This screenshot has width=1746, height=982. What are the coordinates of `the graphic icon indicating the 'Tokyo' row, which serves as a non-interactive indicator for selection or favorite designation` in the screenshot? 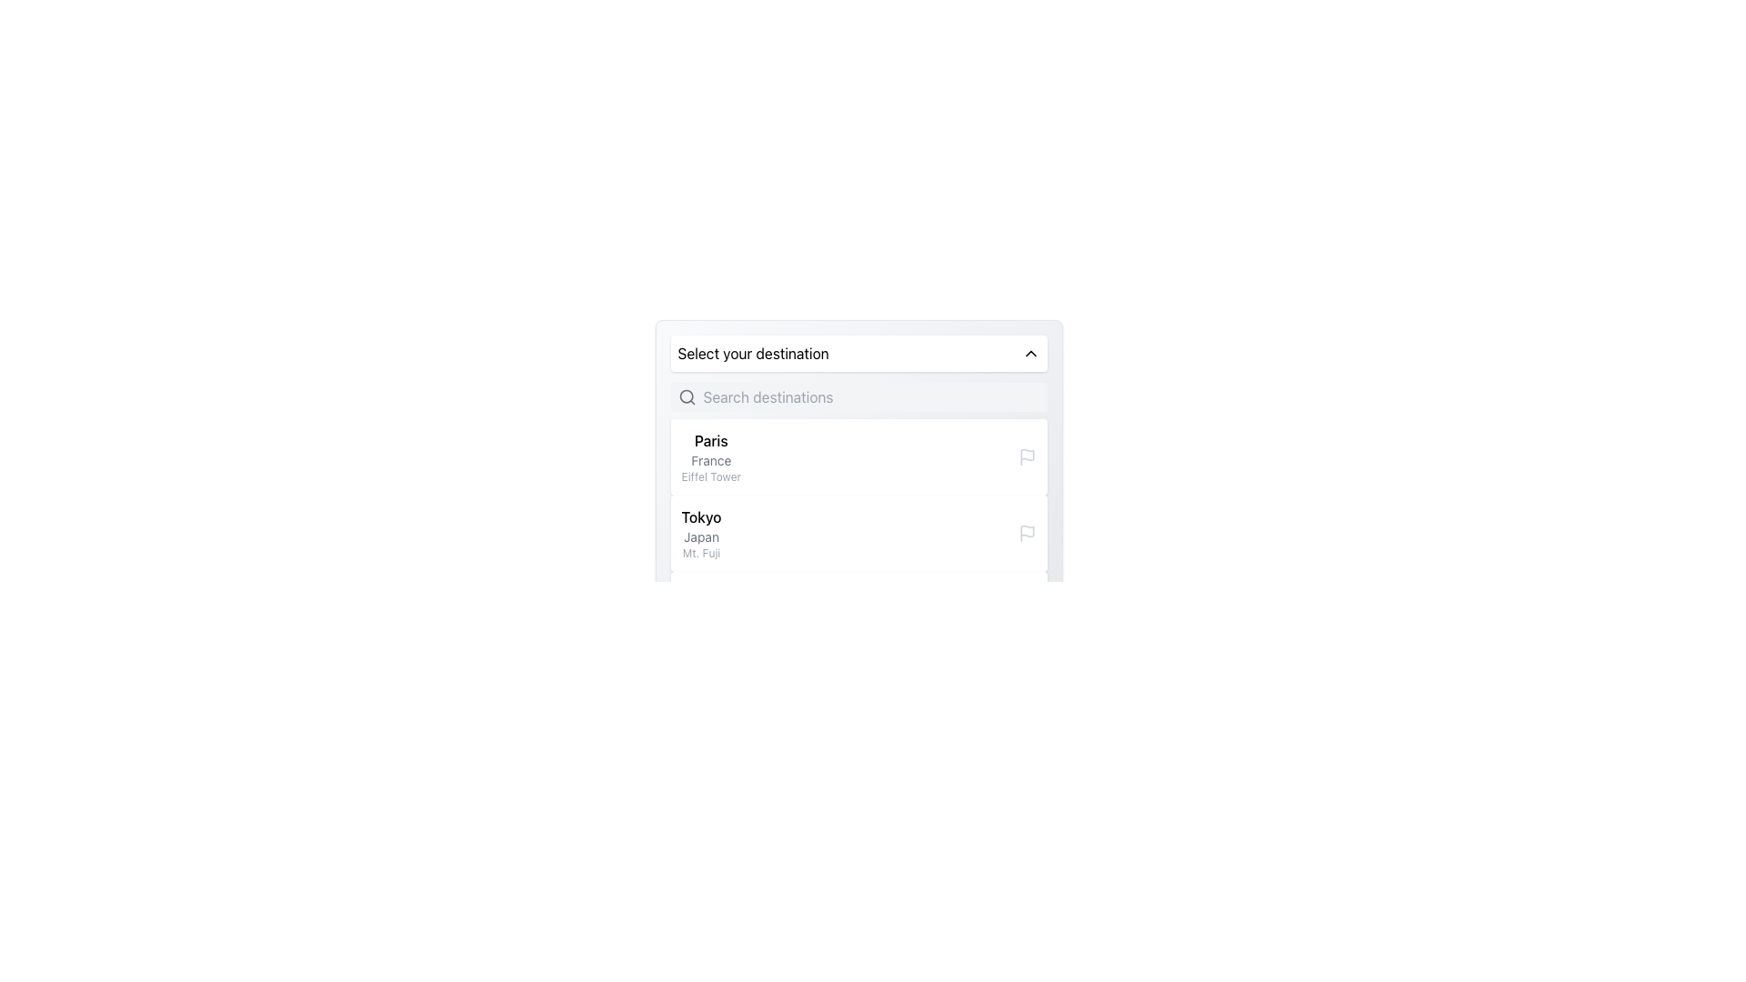 It's located at (1027, 532).